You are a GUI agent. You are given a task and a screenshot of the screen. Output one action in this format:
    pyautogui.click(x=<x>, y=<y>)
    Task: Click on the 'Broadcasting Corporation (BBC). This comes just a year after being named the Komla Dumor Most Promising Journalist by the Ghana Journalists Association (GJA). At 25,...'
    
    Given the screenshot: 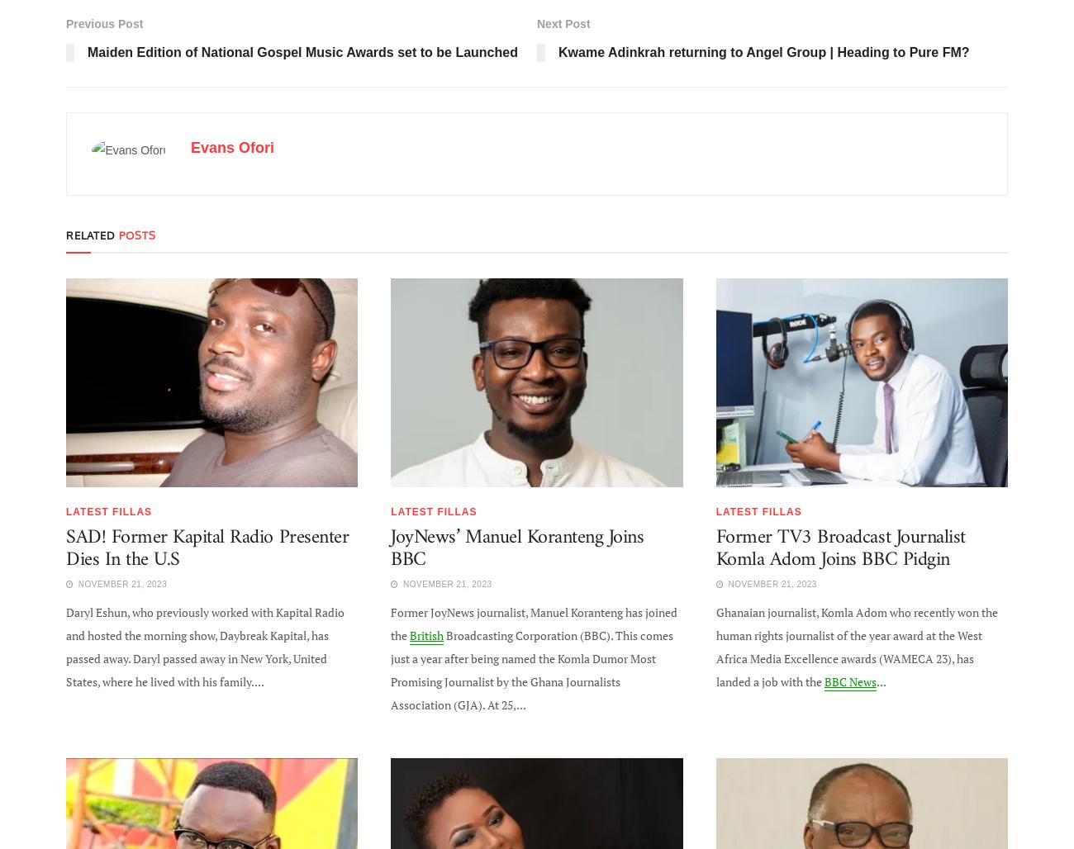 What is the action you would take?
    pyautogui.click(x=532, y=669)
    